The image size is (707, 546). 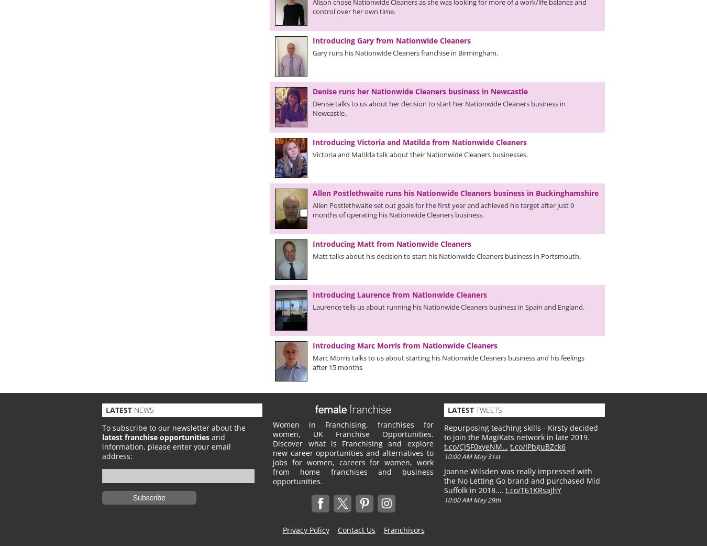 What do you see at coordinates (487, 410) in the screenshot?
I see `'Tweets'` at bounding box center [487, 410].